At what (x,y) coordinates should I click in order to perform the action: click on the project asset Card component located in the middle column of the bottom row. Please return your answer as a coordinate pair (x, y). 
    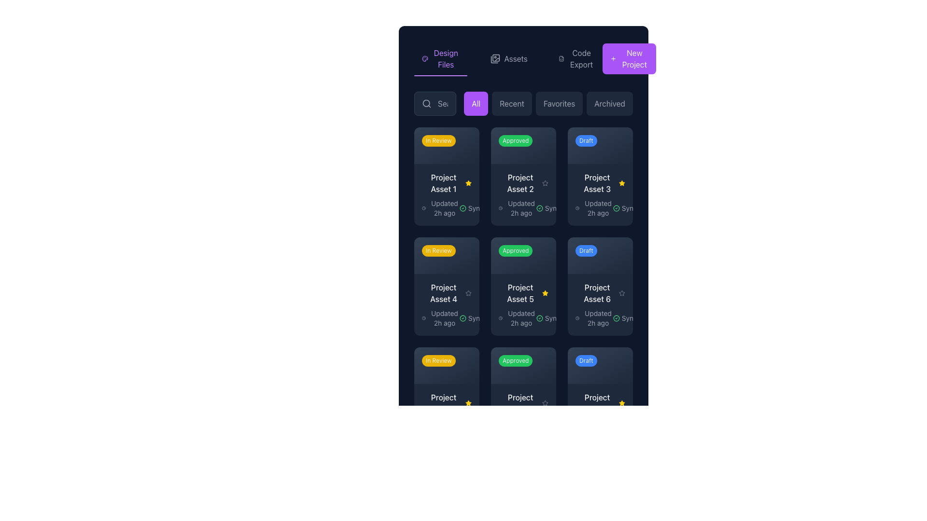
    Looking at the image, I should click on (523, 414).